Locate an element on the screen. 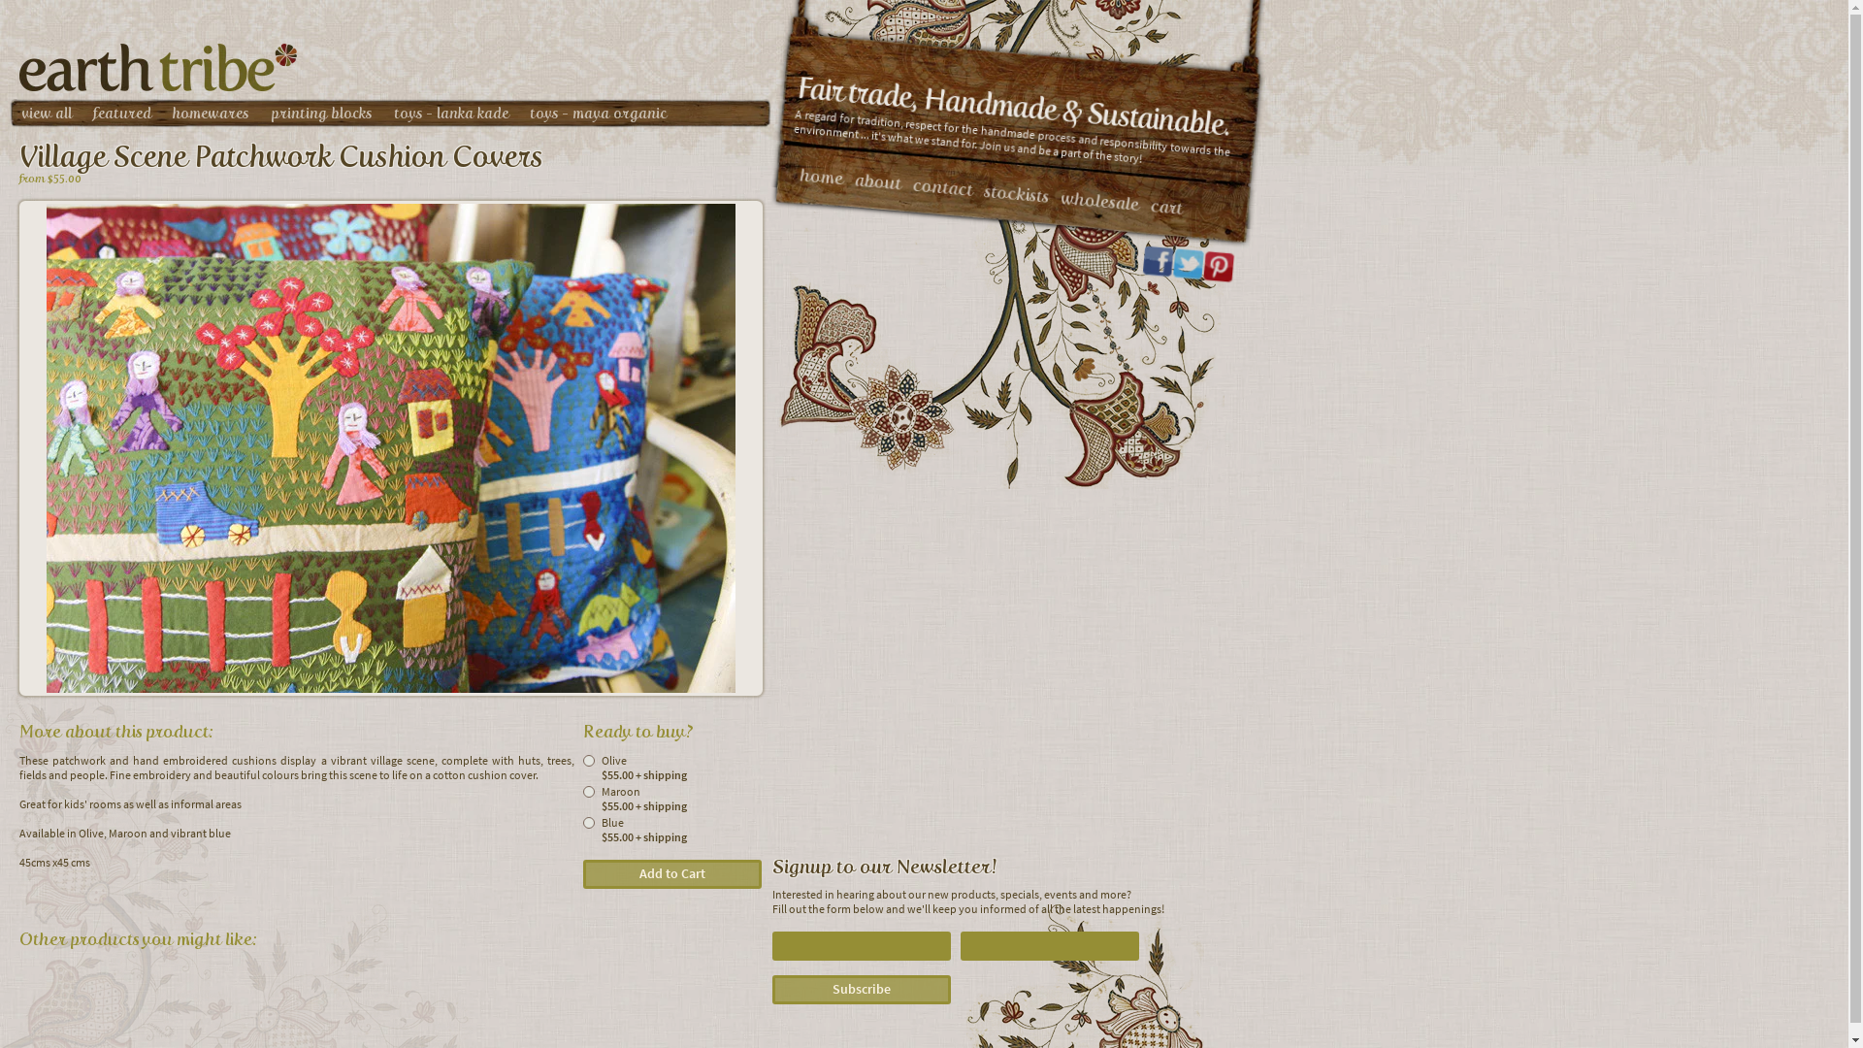 The image size is (1863, 1048). 'toys - lanka kade' is located at coordinates (393, 113).